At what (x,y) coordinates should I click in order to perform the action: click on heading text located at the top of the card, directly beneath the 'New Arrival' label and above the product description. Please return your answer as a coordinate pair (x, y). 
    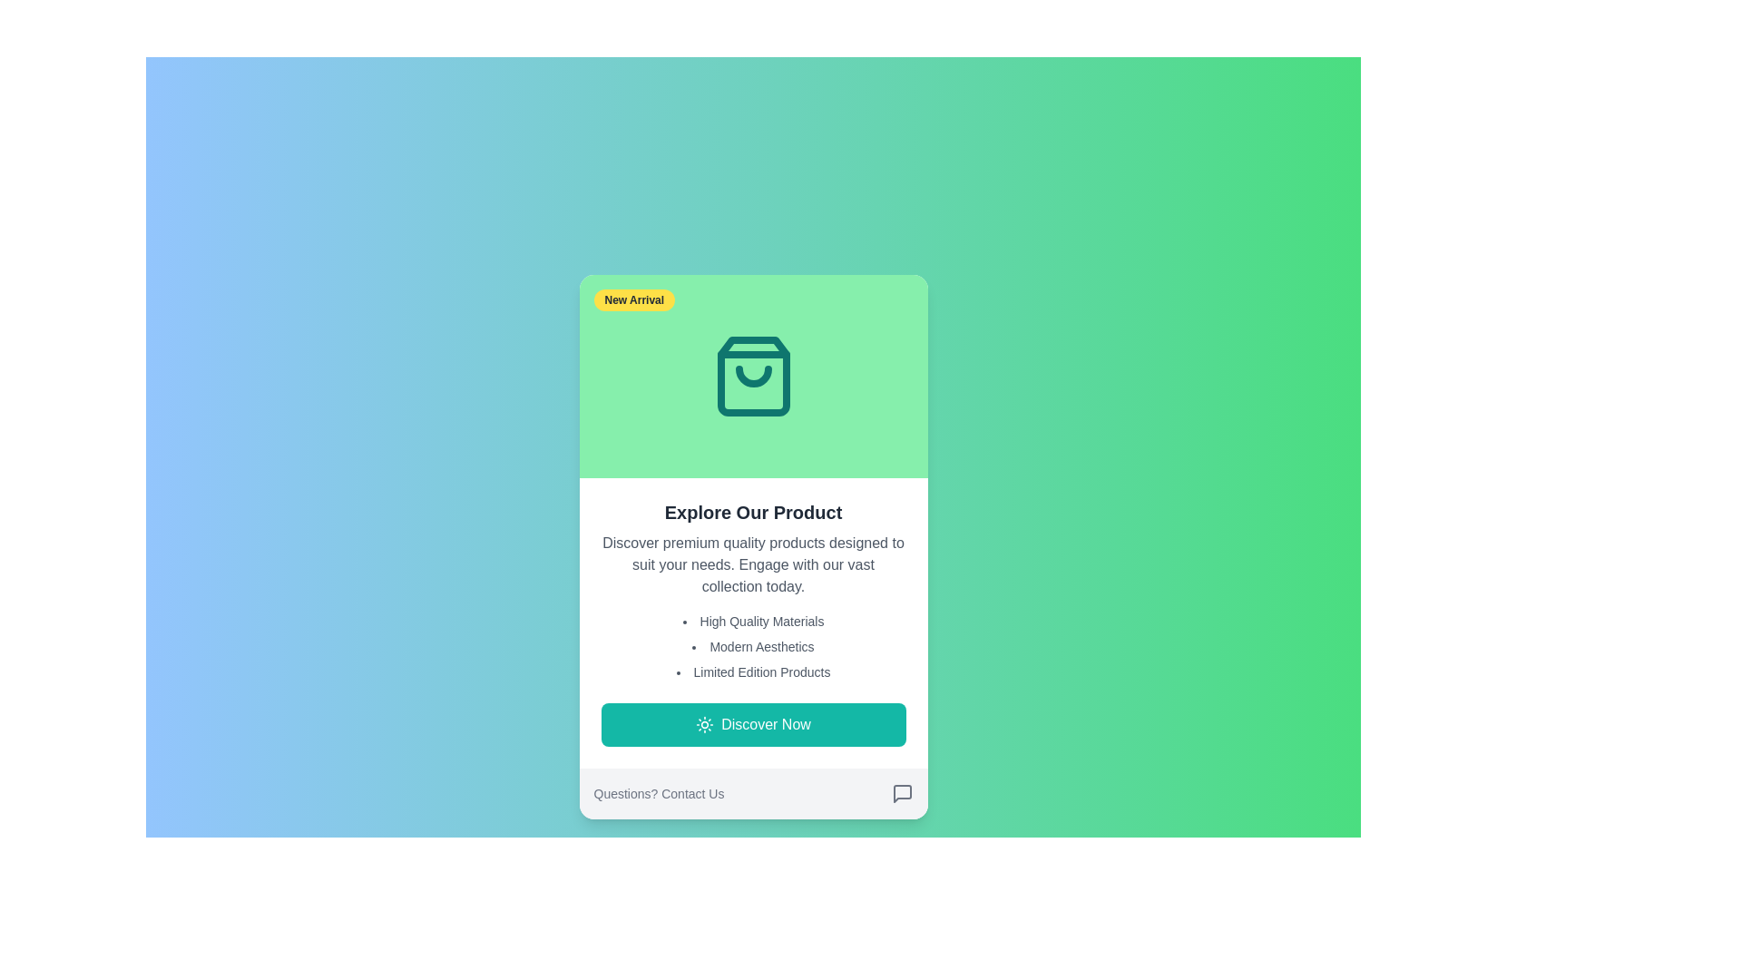
    Looking at the image, I should click on (753, 512).